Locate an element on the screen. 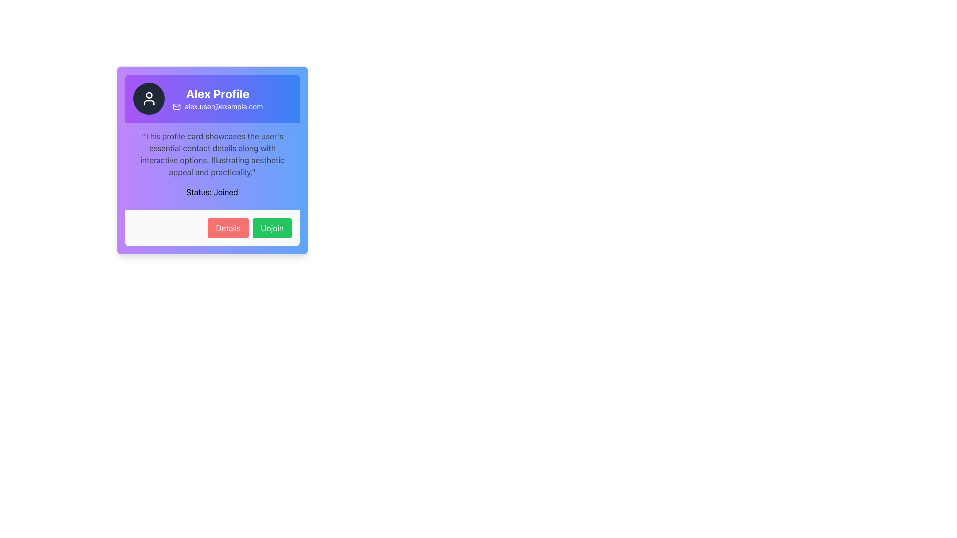 Image resolution: width=957 pixels, height=538 pixels. the descriptive Text block within the user profile card that details its purpose and features is located at coordinates (212, 154).